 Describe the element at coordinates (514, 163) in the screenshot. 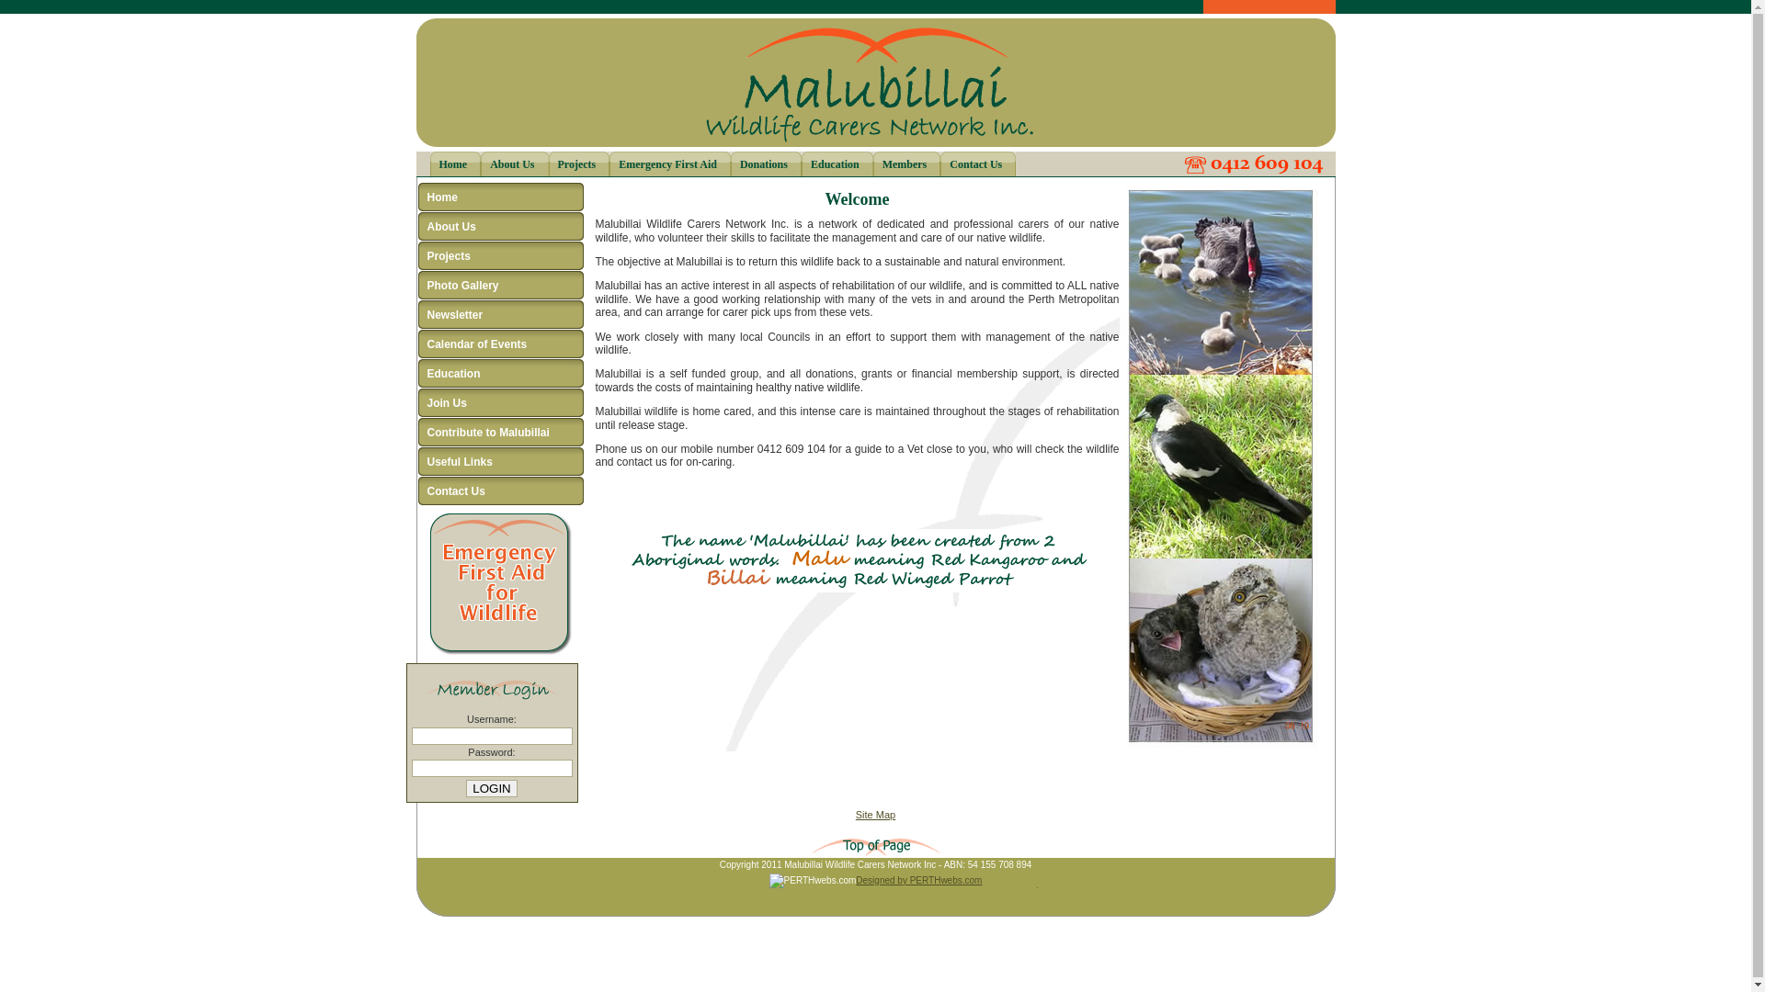

I see `'About Us'` at that location.